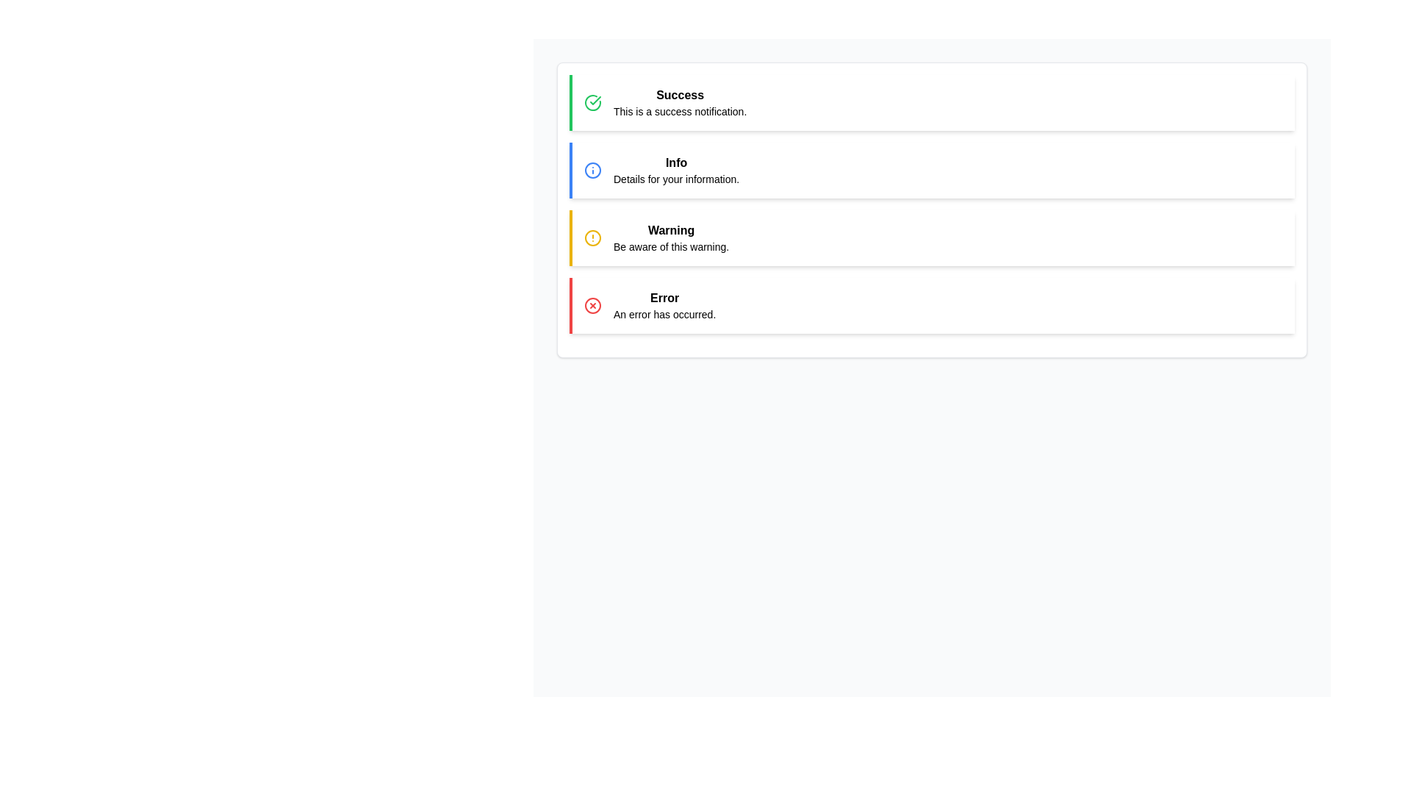  I want to click on the yellow alert icon styled as a circular symbol with an exclamation mark, located to the left of the 'Warning' text in the notification box, so click(592, 237).